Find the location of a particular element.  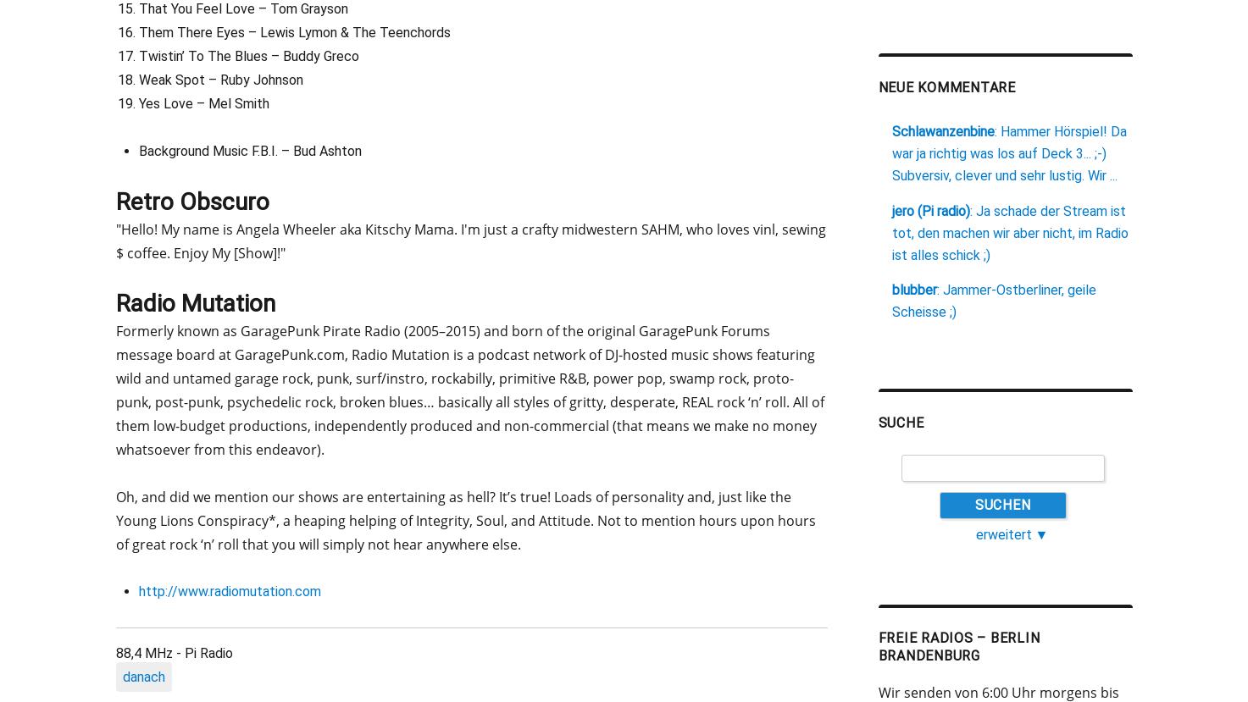

'Them There Eyes – Lewis Lymon & The Teenchords' is located at coordinates (293, 31).